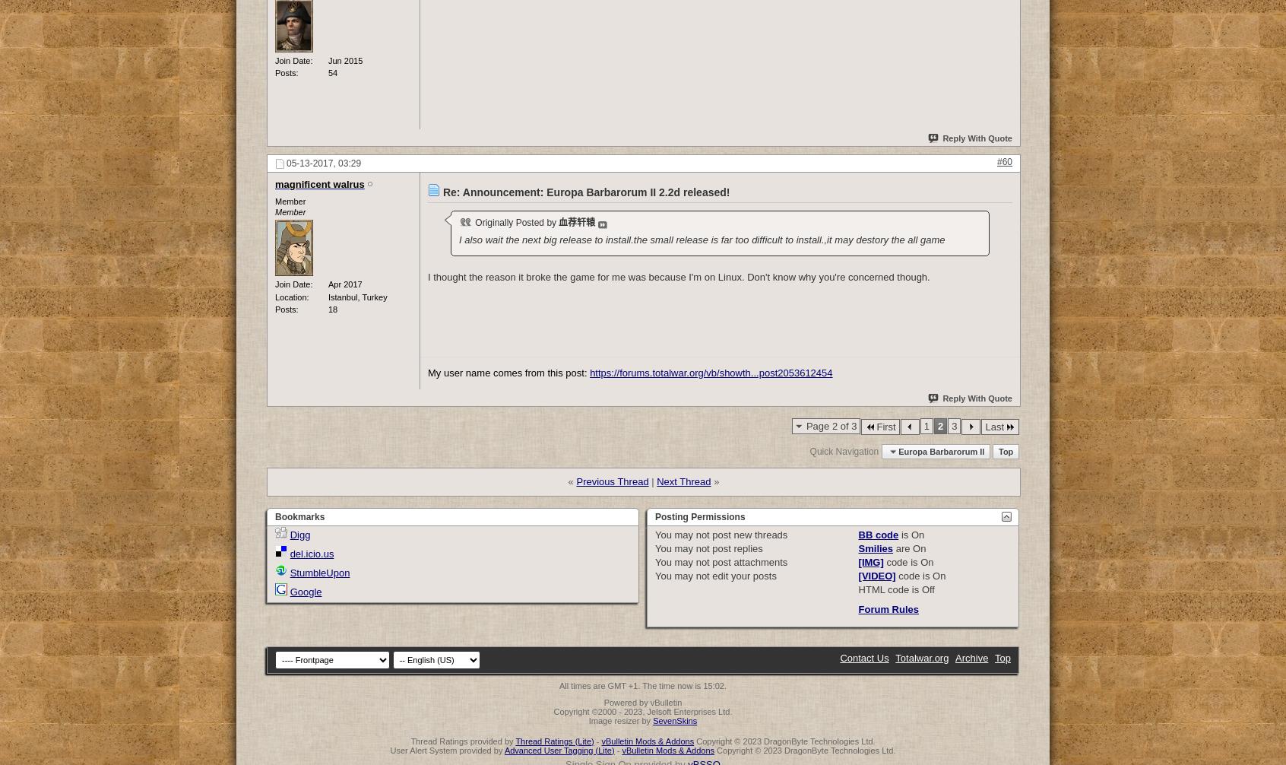 Image resolution: width=1286 pixels, height=765 pixels. What do you see at coordinates (742, 574) in the screenshot?
I see `'edit your posts'` at bounding box center [742, 574].